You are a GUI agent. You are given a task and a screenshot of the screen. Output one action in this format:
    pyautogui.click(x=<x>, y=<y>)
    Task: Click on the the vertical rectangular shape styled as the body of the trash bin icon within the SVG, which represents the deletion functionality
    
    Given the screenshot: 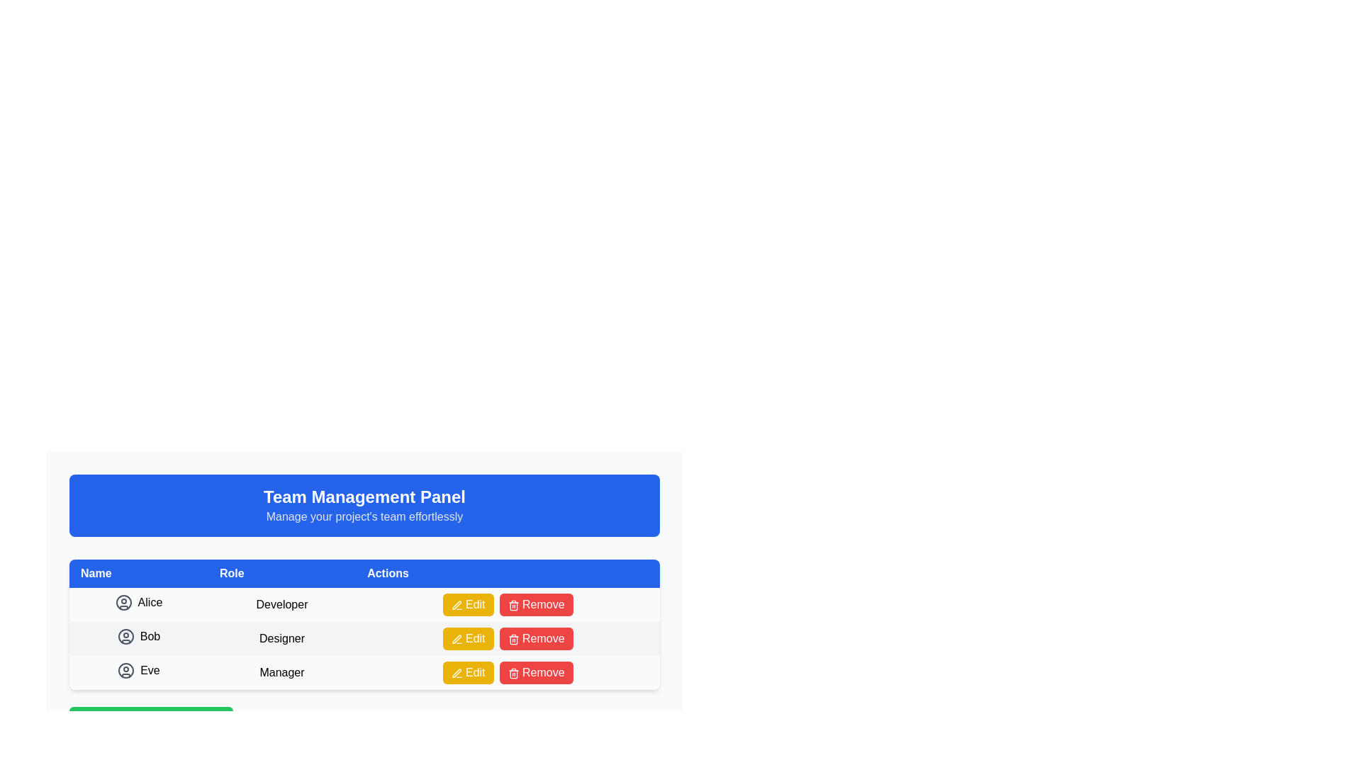 What is the action you would take?
    pyautogui.click(x=513, y=606)
    